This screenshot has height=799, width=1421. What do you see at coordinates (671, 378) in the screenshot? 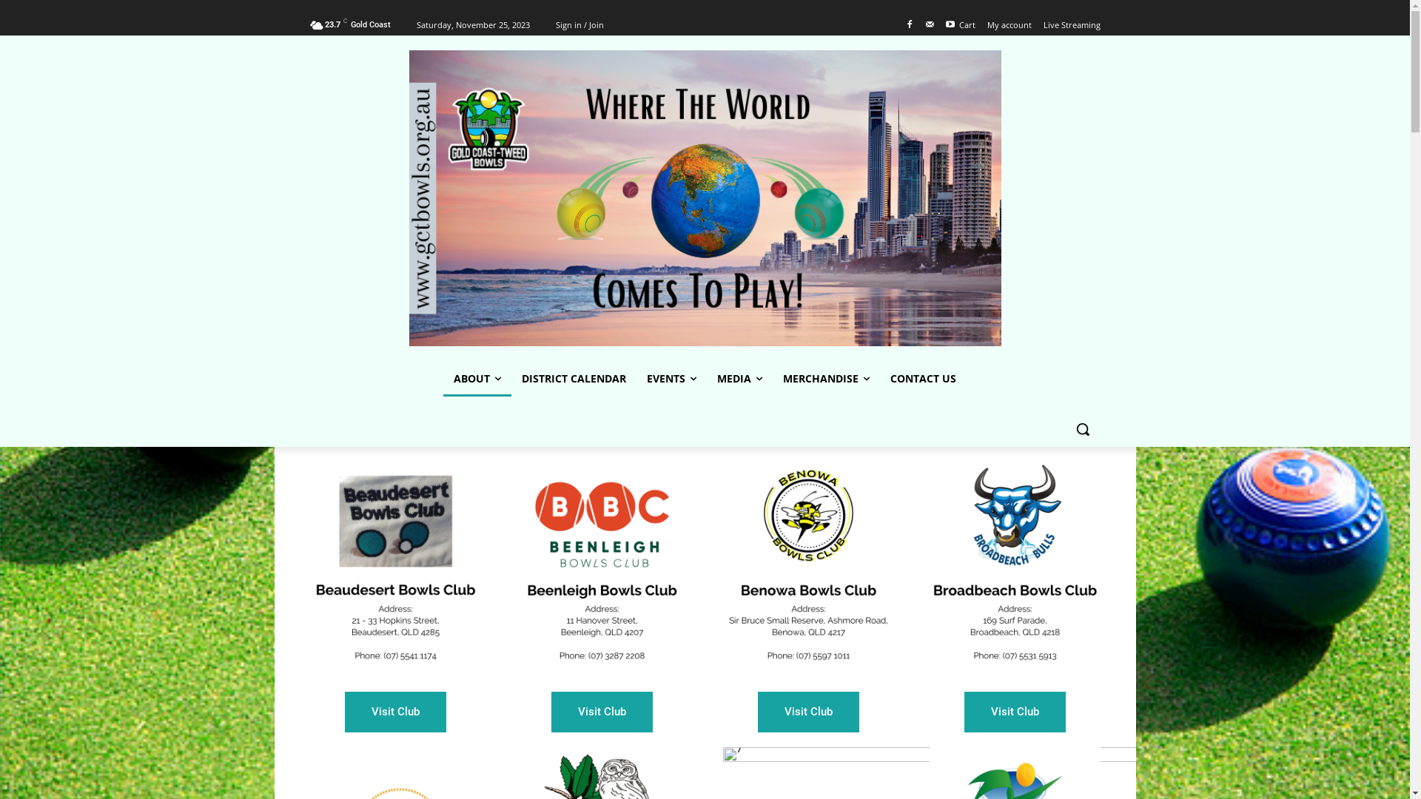
I see `'EVENTS'` at bounding box center [671, 378].